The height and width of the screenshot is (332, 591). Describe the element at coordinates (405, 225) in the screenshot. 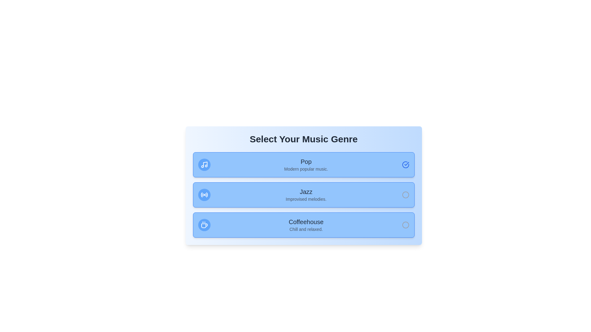

I see `the radio button for the 'Coffeehouse' list item, which is a small circled icon with a thin border, filled with gray color, located in a vertical list of genres` at that location.